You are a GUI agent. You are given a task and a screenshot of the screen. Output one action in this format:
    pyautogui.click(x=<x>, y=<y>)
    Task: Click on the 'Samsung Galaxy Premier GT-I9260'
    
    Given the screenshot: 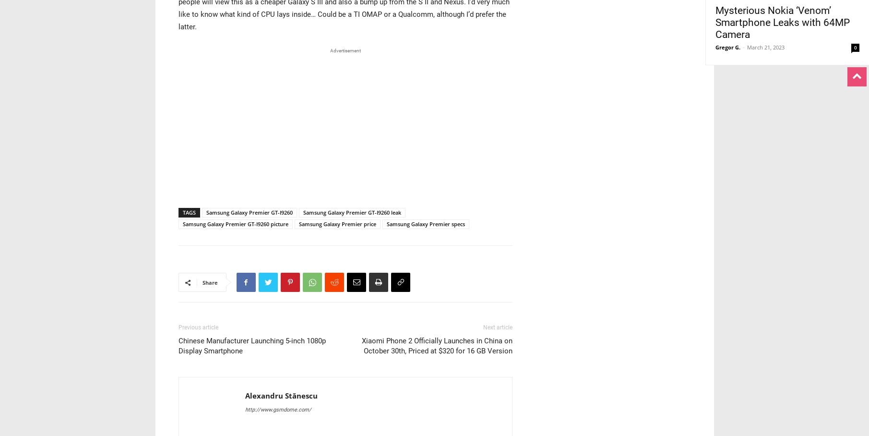 What is the action you would take?
    pyautogui.click(x=249, y=212)
    